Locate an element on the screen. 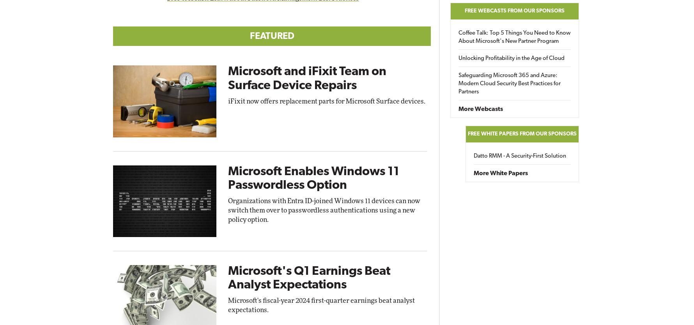 This screenshot has height=325, width=694. 'Microsoft's fiscal-year 2024 first-quarter earnings beat analyst expectations.' is located at coordinates (228, 305).